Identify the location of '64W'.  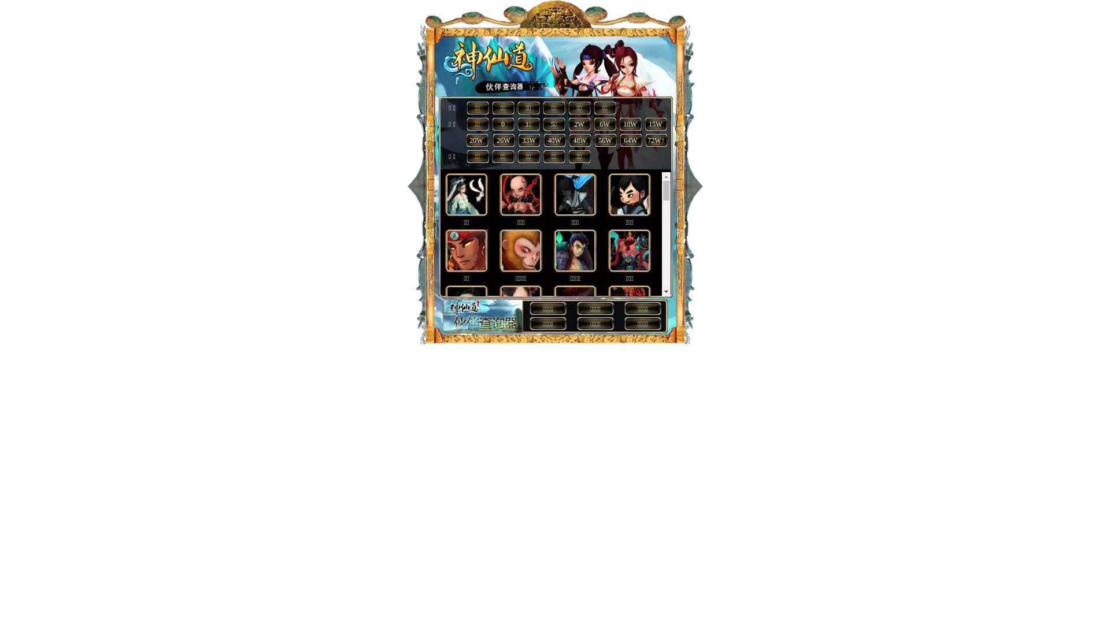
(630, 140).